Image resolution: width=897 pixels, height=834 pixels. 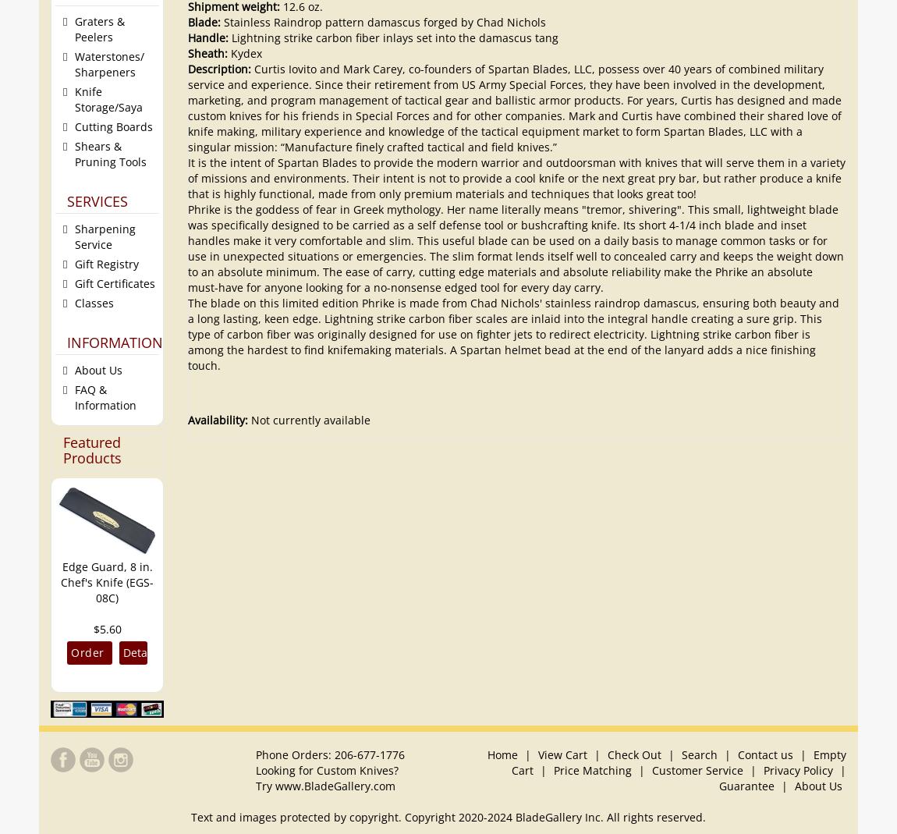 What do you see at coordinates (110, 153) in the screenshot?
I see `'Shears & Pruning Tools'` at bounding box center [110, 153].